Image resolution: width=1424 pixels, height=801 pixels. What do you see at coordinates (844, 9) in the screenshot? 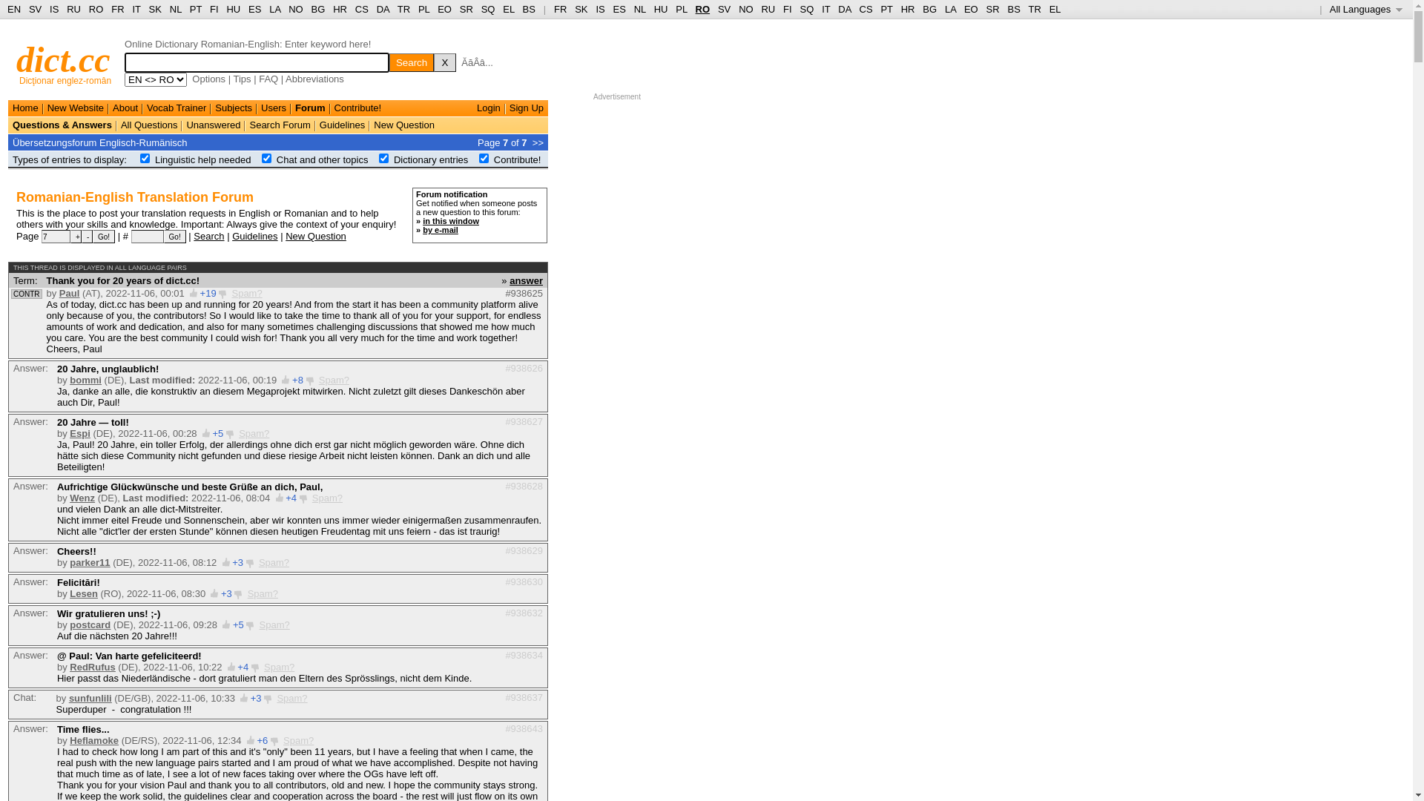
I see `'DA'` at bounding box center [844, 9].